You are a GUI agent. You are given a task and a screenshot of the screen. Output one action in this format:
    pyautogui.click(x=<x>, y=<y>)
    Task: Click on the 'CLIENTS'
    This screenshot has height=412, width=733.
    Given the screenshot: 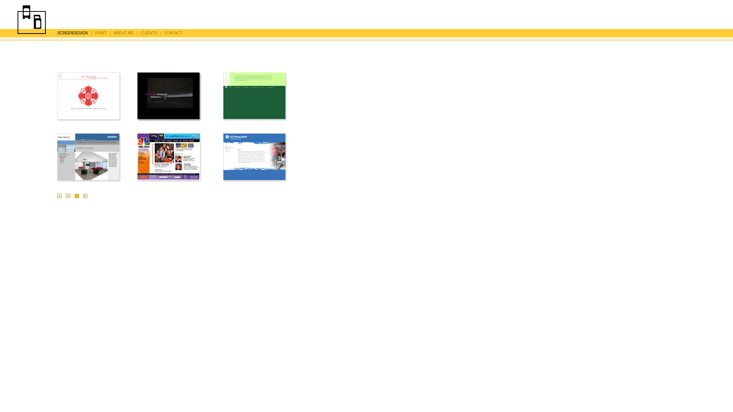 What is the action you would take?
    pyautogui.click(x=149, y=32)
    